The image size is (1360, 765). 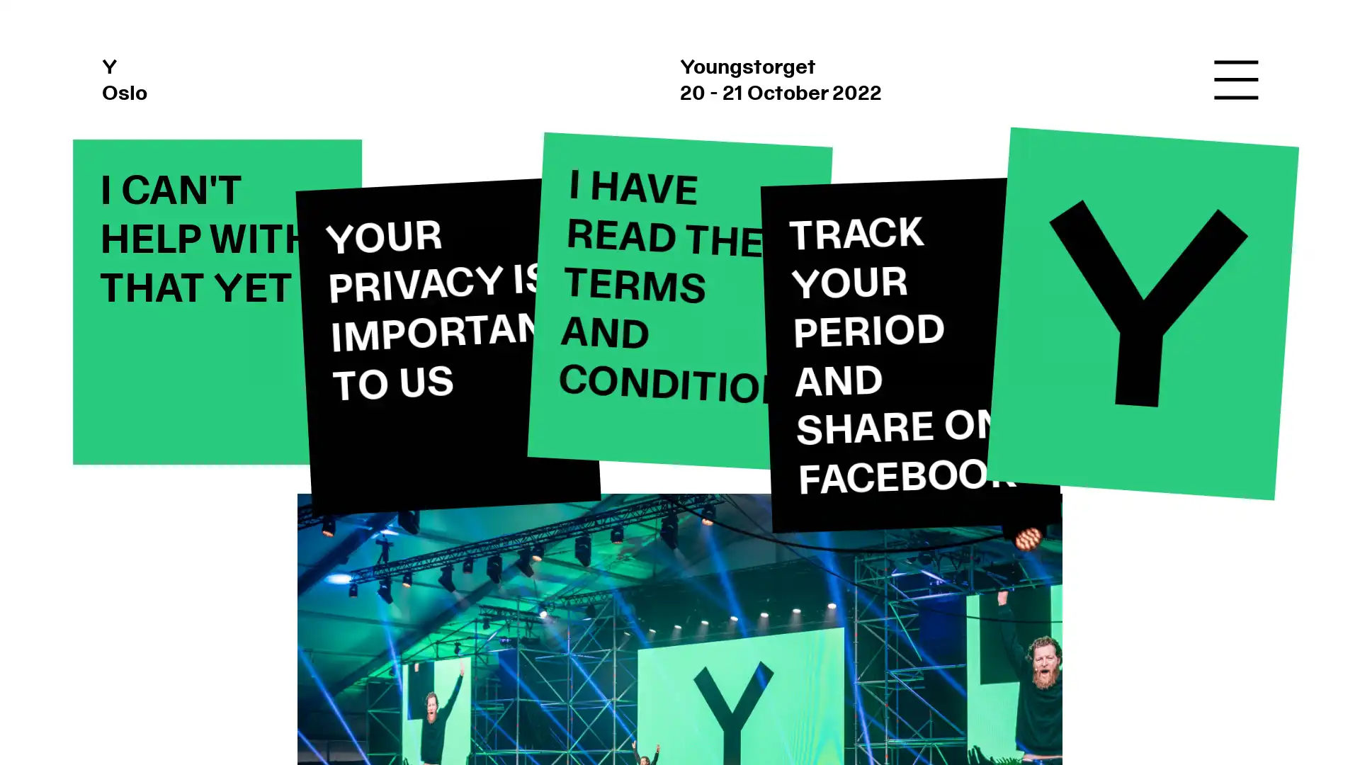 I want to click on Y, so click(x=1142, y=312).